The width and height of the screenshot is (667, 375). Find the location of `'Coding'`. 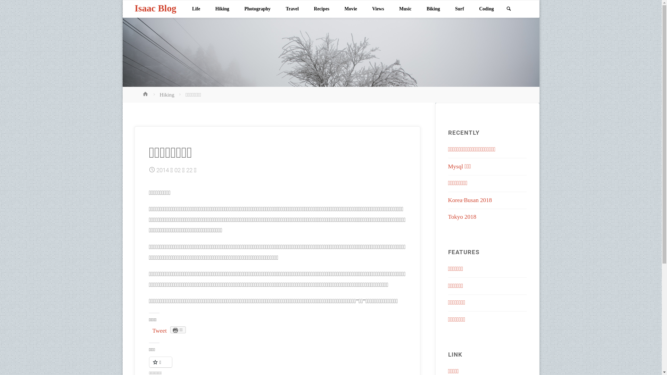

'Coding' is located at coordinates (486, 9).